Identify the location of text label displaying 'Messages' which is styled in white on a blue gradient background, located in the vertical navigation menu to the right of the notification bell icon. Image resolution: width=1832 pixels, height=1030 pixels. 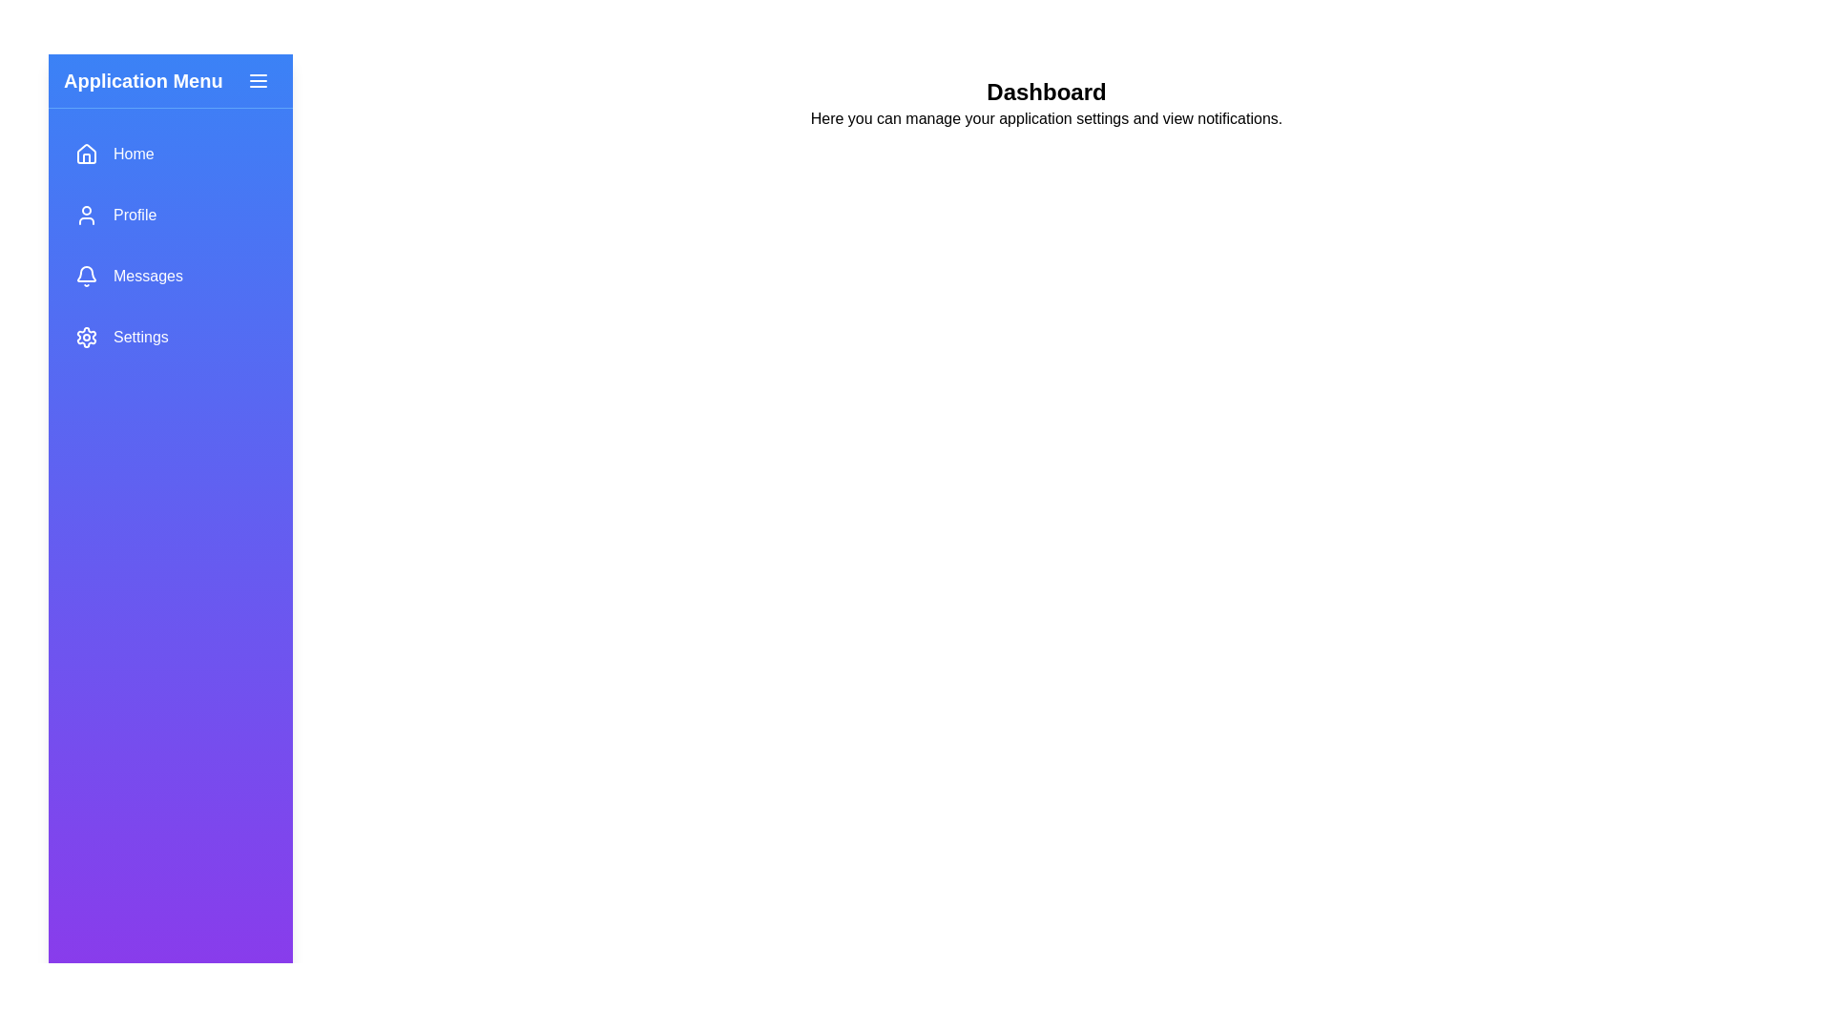
(147, 276).